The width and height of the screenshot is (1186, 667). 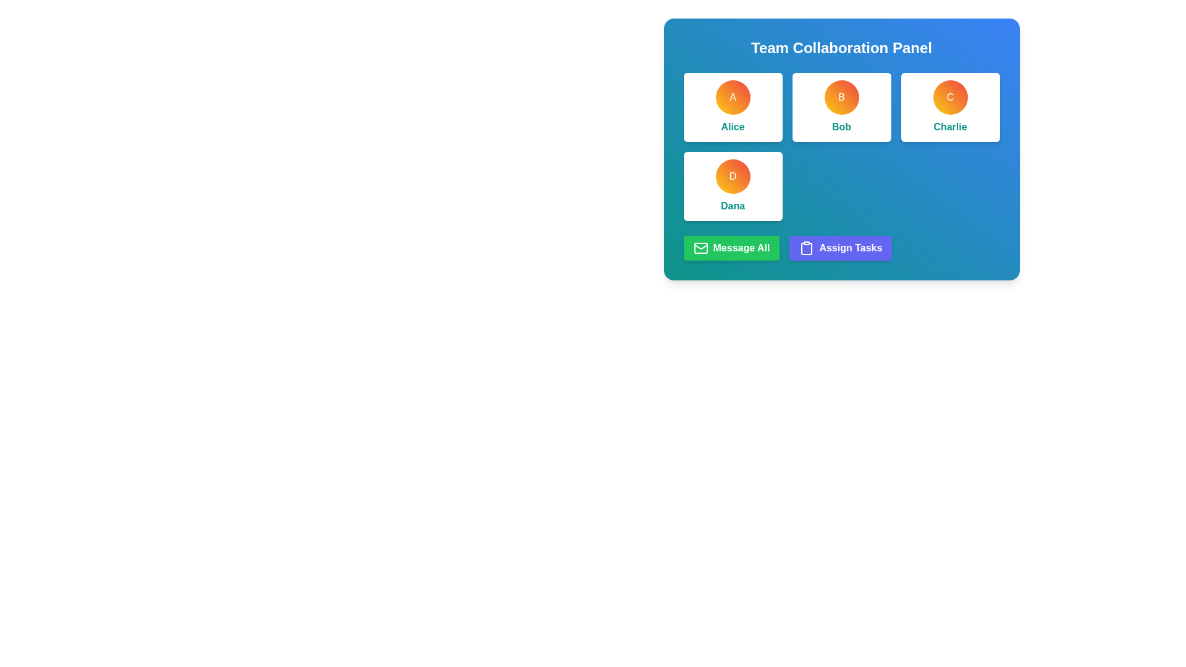 What do you see at coordinates (733, 106) in the screenshot?
I see `the Profile Card representing an individual, located at the top-left of the grid layout` at bounding box center [733, 106].